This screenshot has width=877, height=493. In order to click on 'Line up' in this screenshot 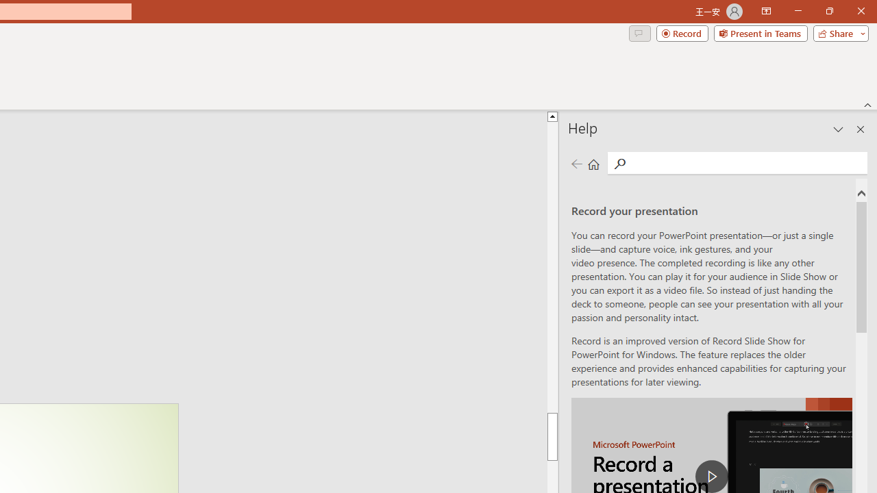, I will do `click(867, 93)`.